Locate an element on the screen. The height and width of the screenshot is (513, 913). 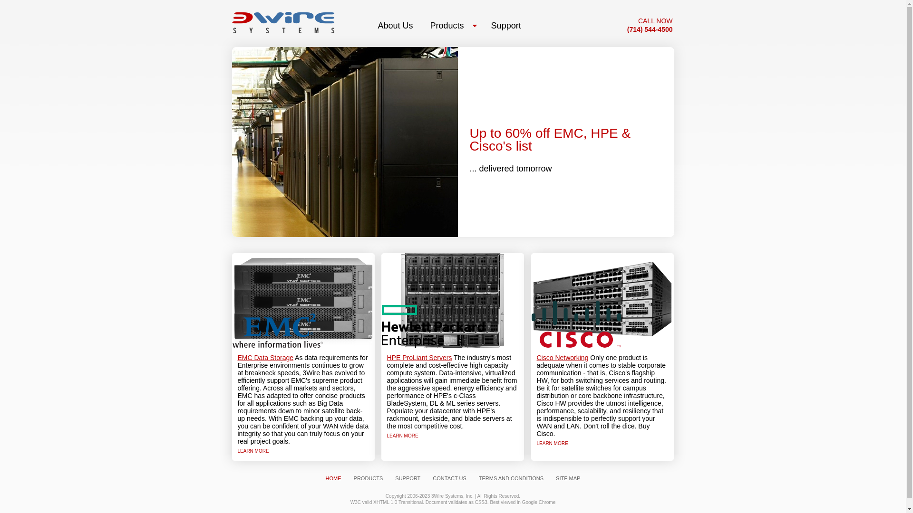
'Google Chrome' is located at coordinates (539, 502).